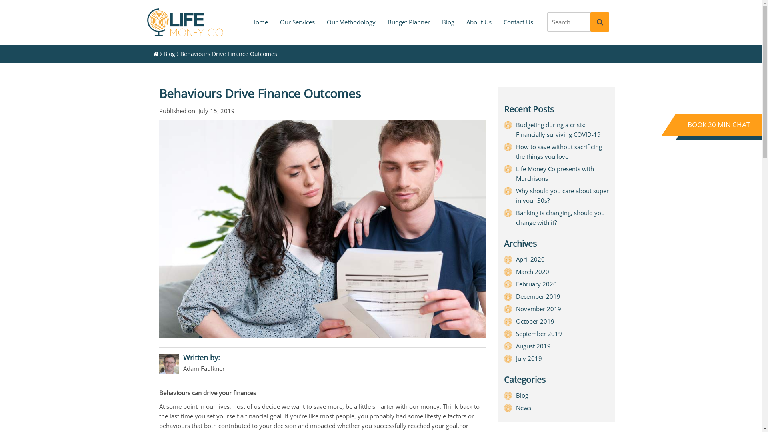  Describe the element at coordinates (168, 54) in the screenshot. I see `'Blog'` at that location.